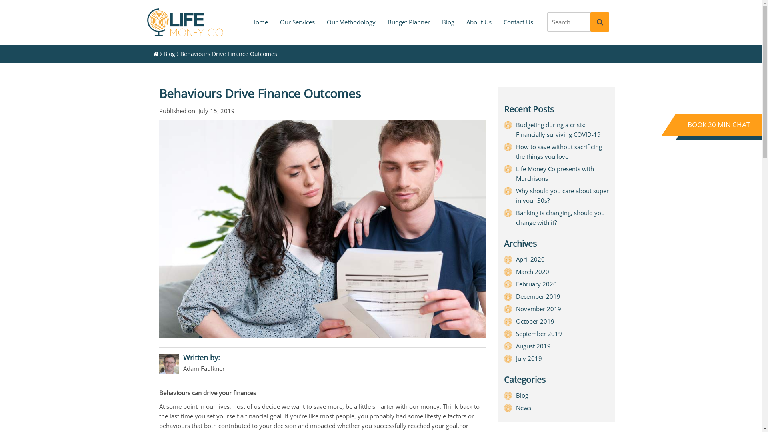  Describe the element at coordinates (168, 54) in the screenshot. I see `'Blog'` at that location.